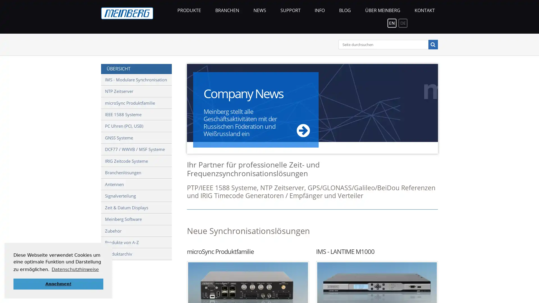 This screenshot has width=539, height=303. Describe the element at coordinates (58, 284) in the screenshot. I see `dismiss cookie message` at that location.